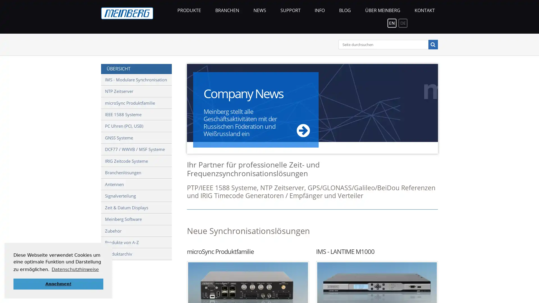 This screenshot has width=539, height=303. Describe the element at coordinates (58, 284) in the screenshot. I see `dismiss cookie message` at that location.